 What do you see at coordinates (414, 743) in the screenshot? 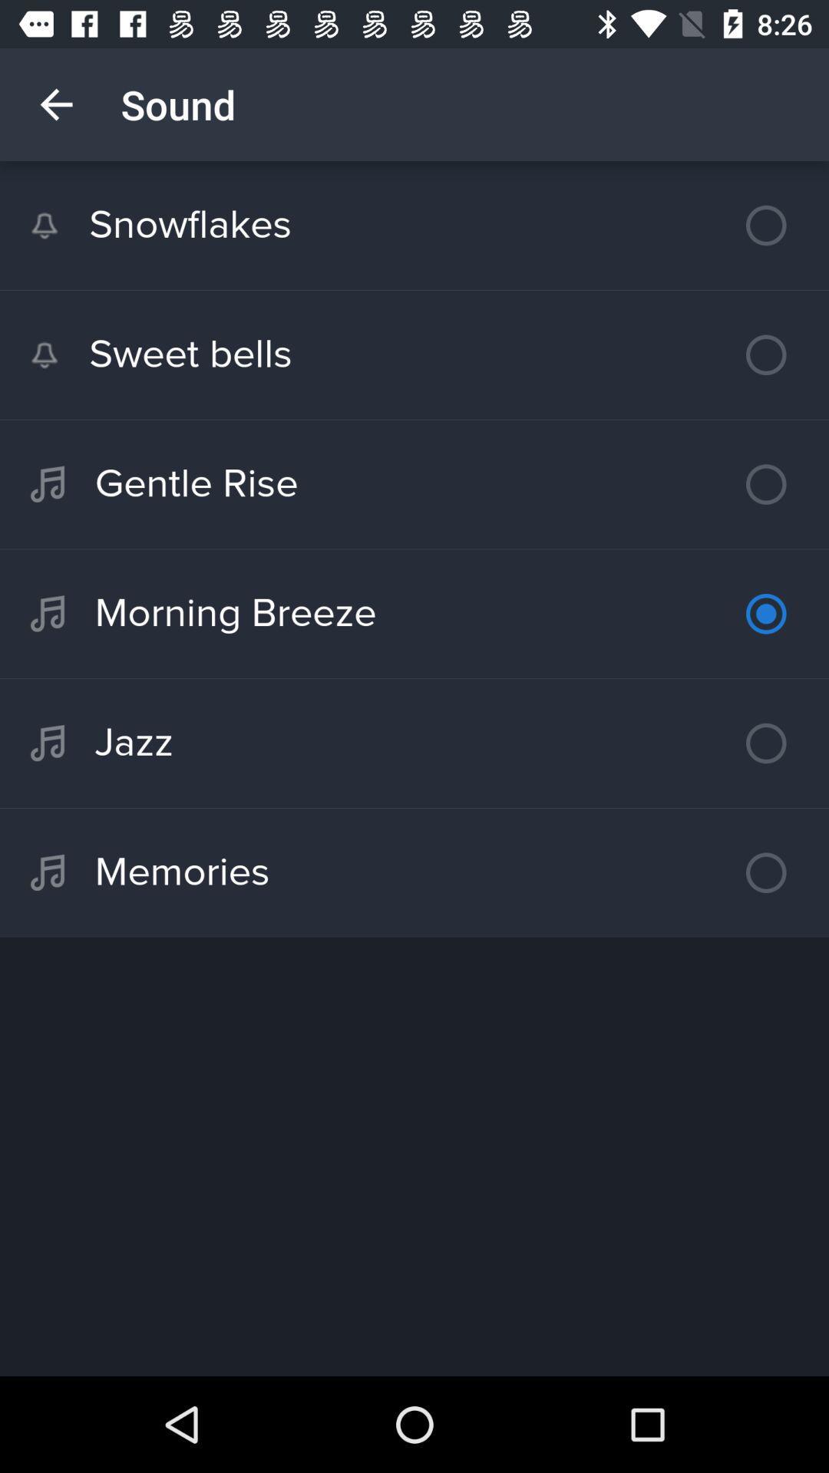
I see `jazz item` at bounding box center [414, 743].